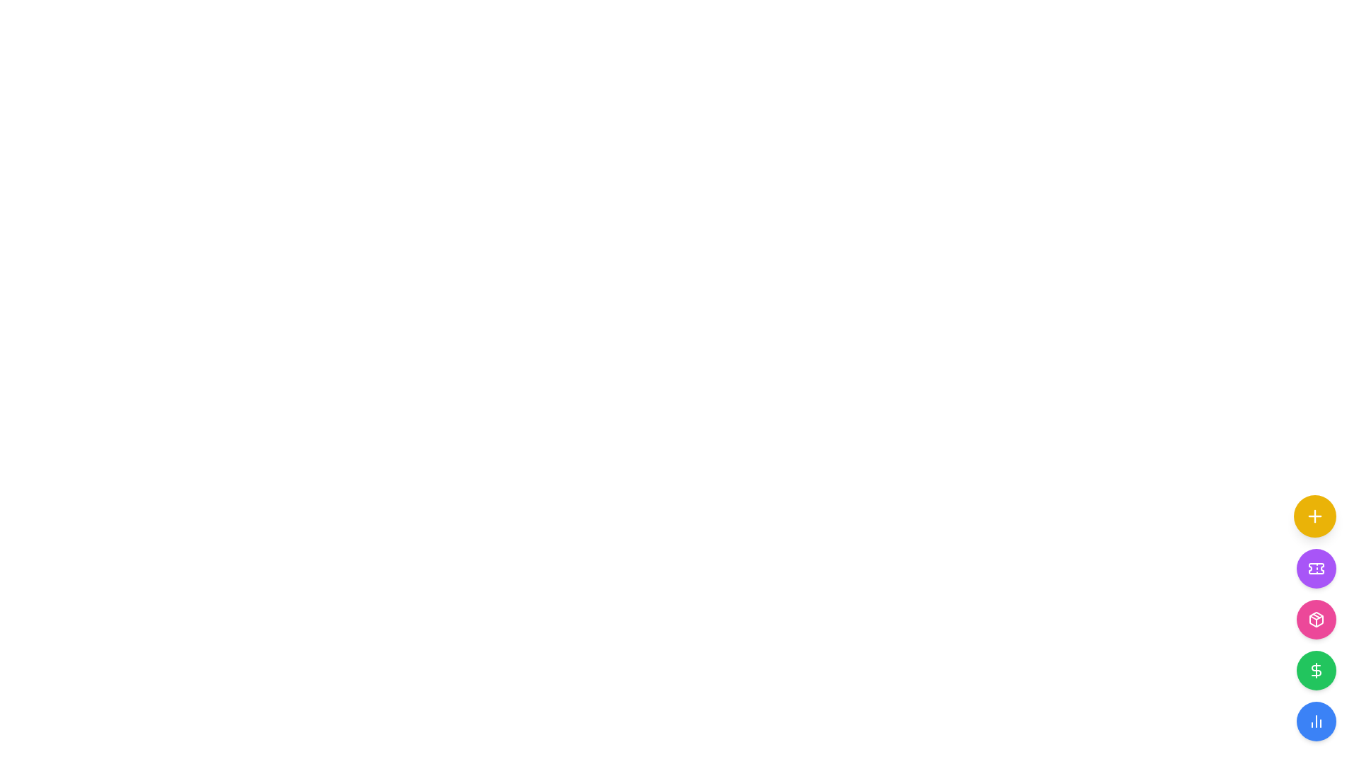 The width and height of the screenshot is (1359, 764). Describe the element at coordinates (1316, 721) in the screenshot. I see `the blue circular button containing the bar chart icon, which is the fifth button from the top in the sidebar` at that location.